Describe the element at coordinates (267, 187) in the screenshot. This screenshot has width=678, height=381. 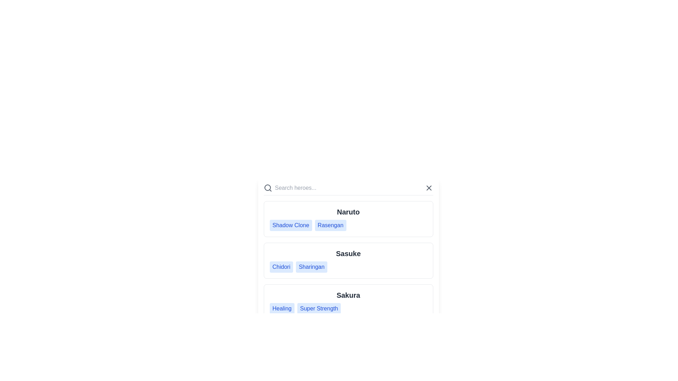
I see `the SVG circle graphic representing the search functionality of the magnifying glass icon, which is located to the left of the 'Search heroes...' text input` at that location.